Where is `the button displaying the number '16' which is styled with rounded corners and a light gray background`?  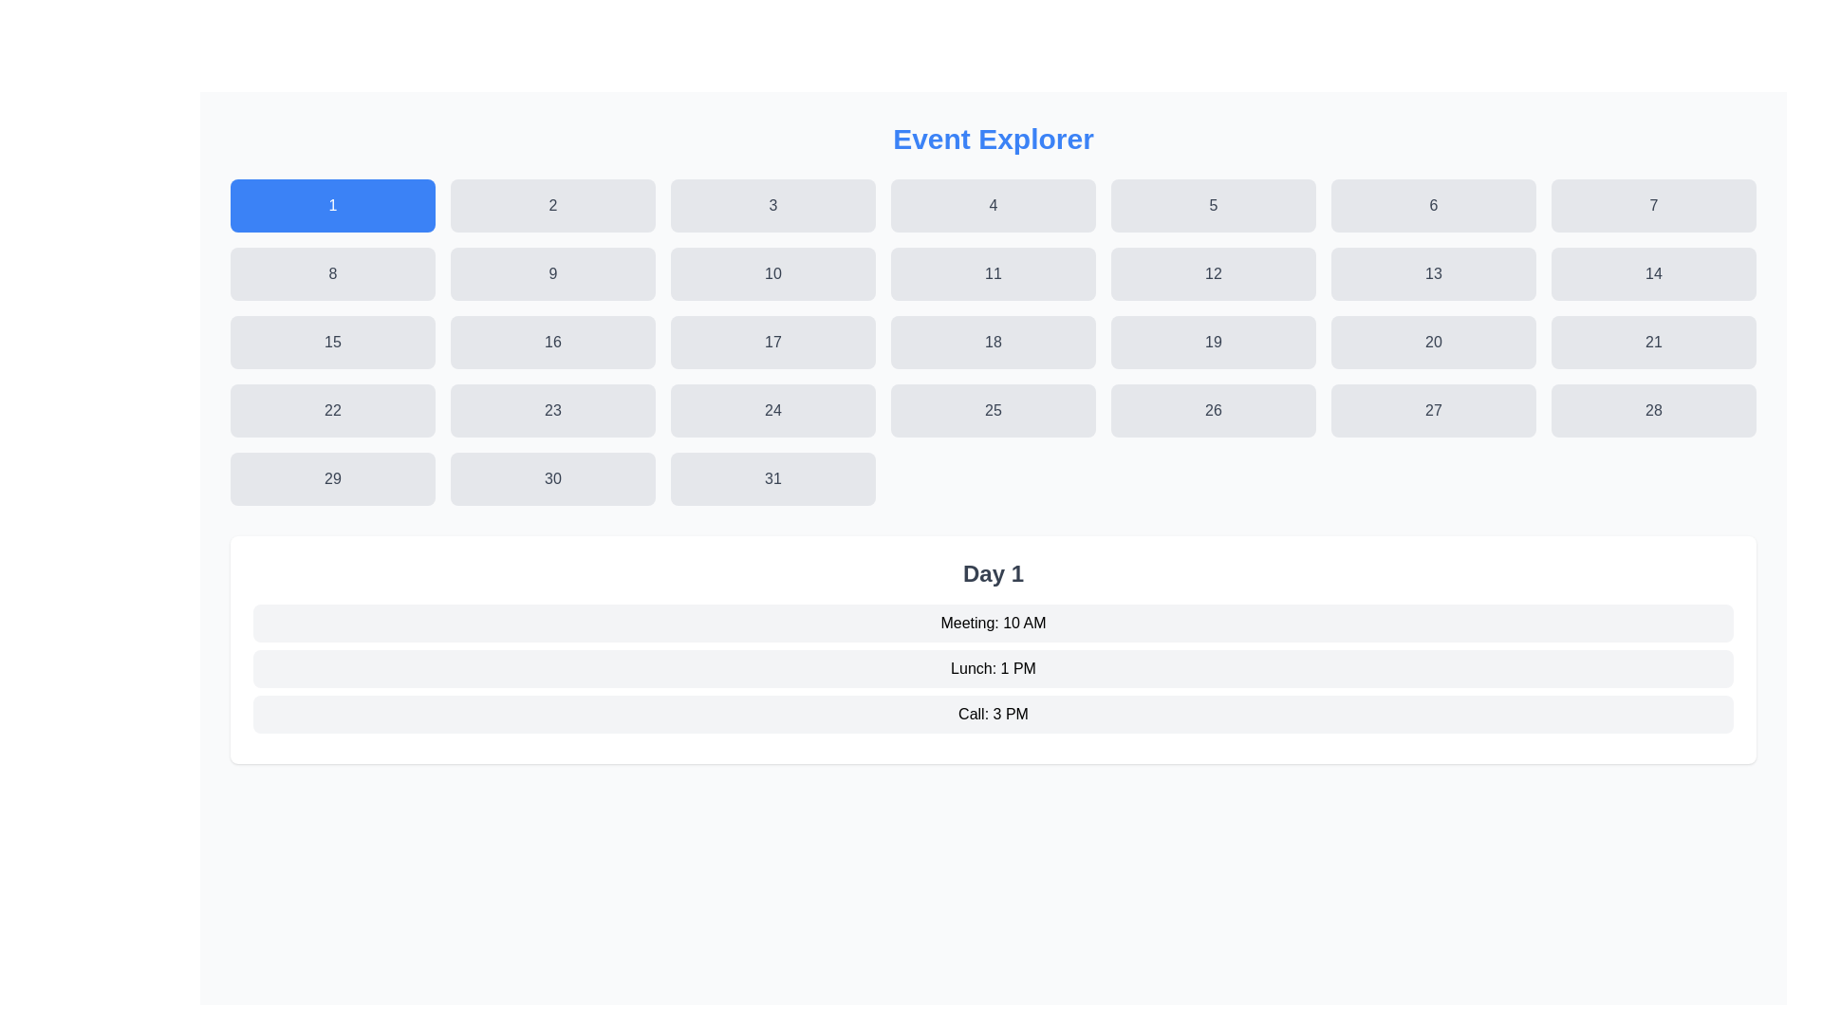
the button displaying the number '16' which is styled with rounded corners and a light gray background is located at coordinates (551, 343).